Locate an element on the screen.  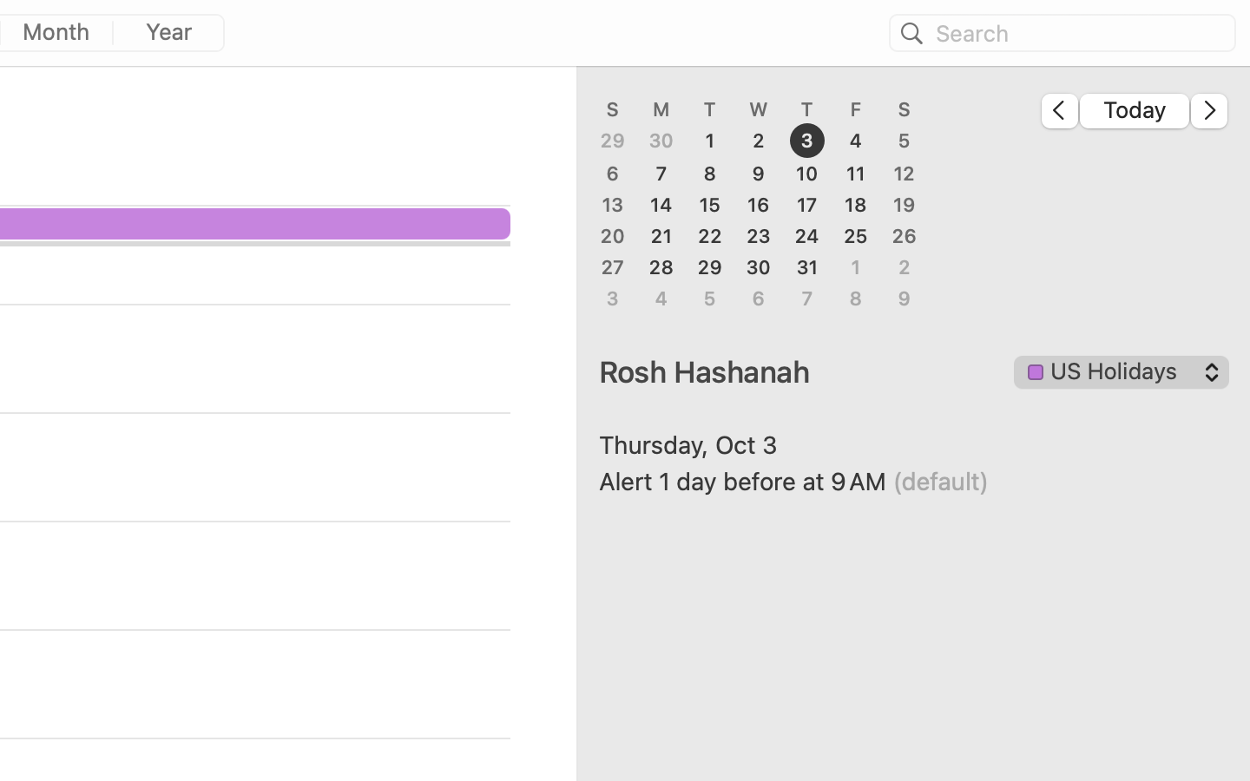
'27' is located at coordinates (613, 266).